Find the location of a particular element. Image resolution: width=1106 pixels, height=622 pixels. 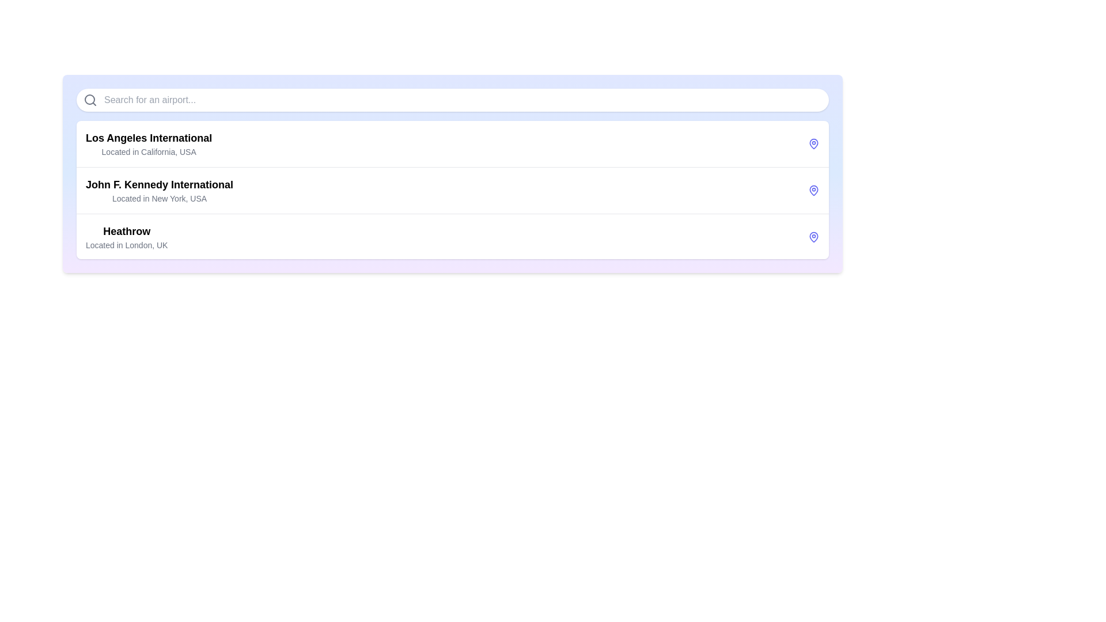

the map pin icon located to the right side of the 'Los Angeles International' list item by clicking on its lower pointed section is located at coordinates (813, 143).